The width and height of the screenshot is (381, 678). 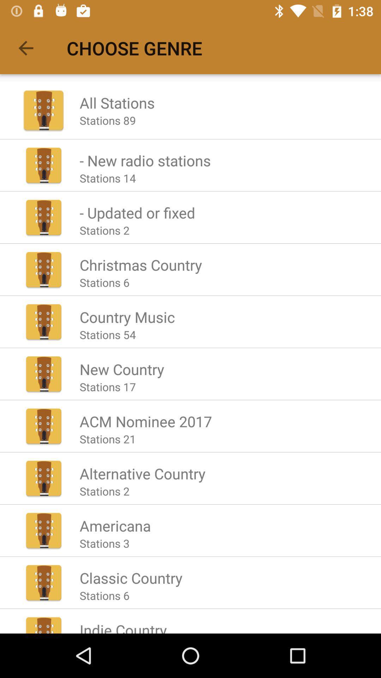 I want to click on the icon above the - updated or fixed, so click(x=108, y=178).